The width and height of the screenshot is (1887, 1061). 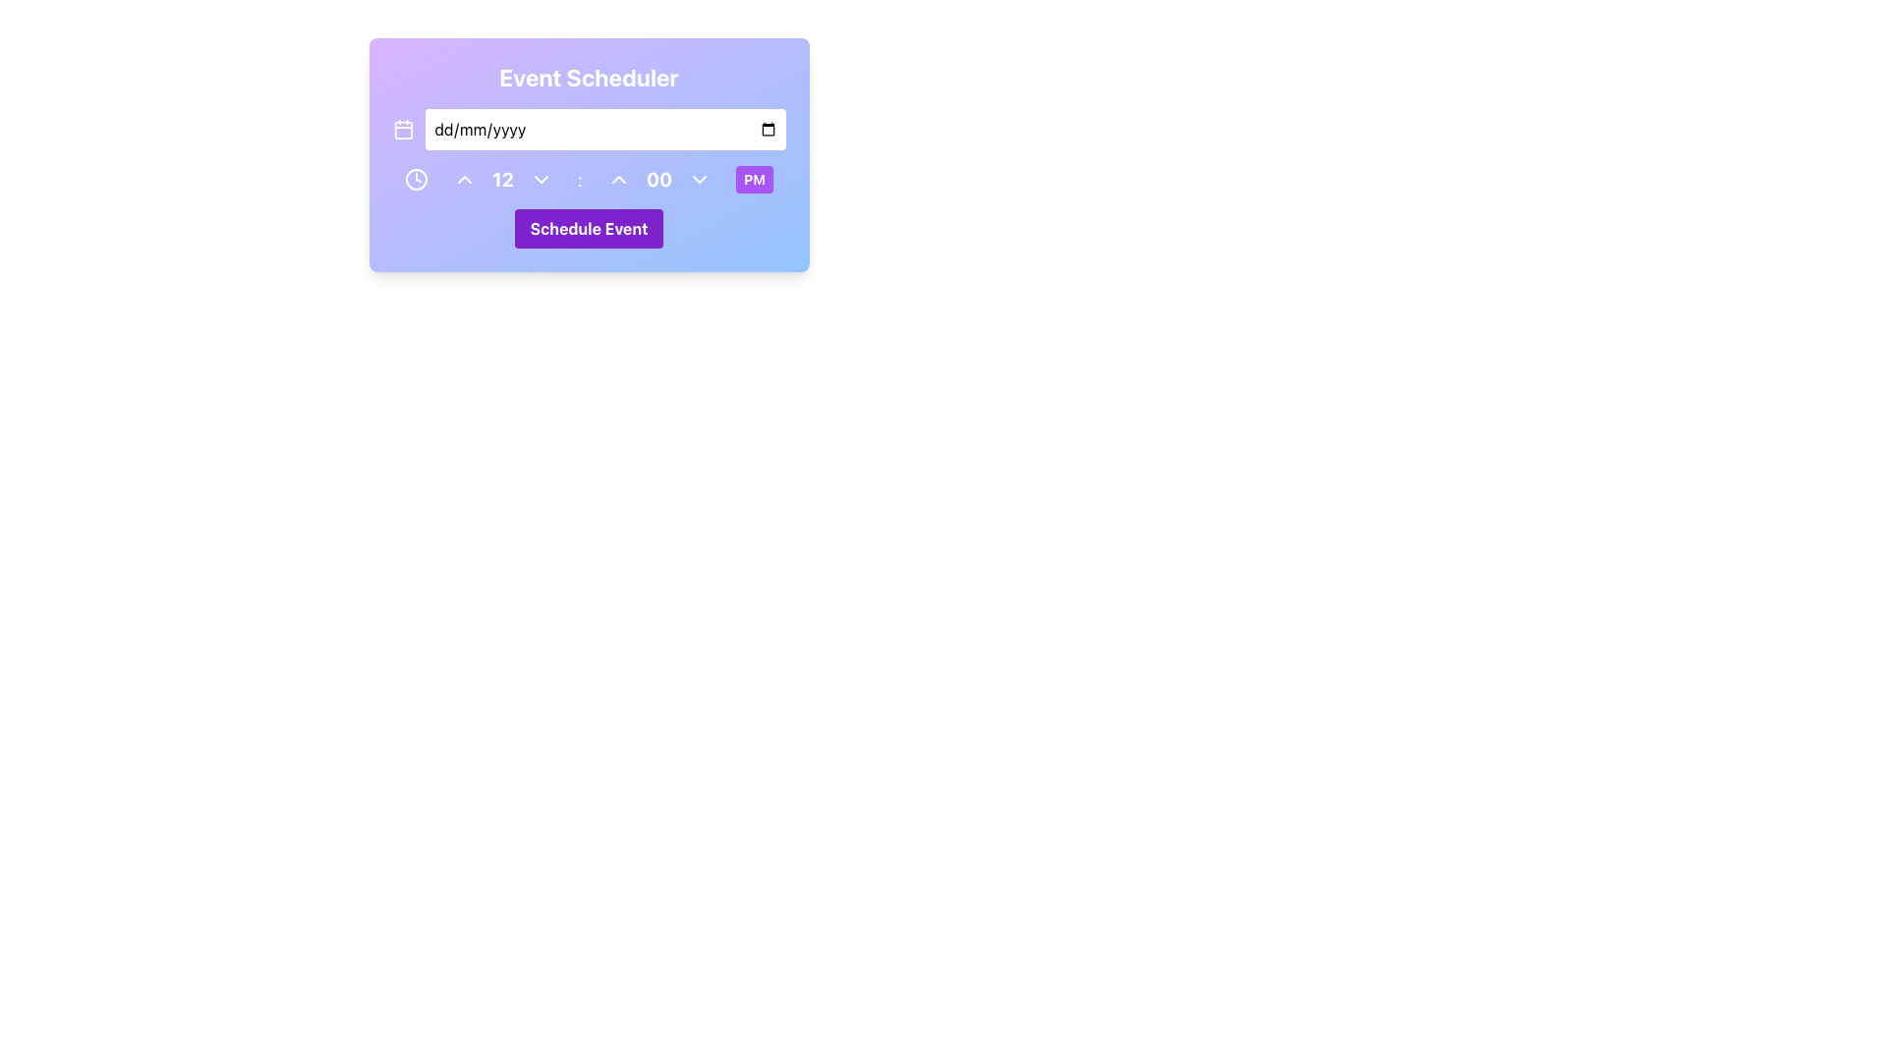 I want to click on the text display element that shows the currently selected hour in a 12-hour format within the time selector module of the event scheduler interface, so click(x=502, y=179).